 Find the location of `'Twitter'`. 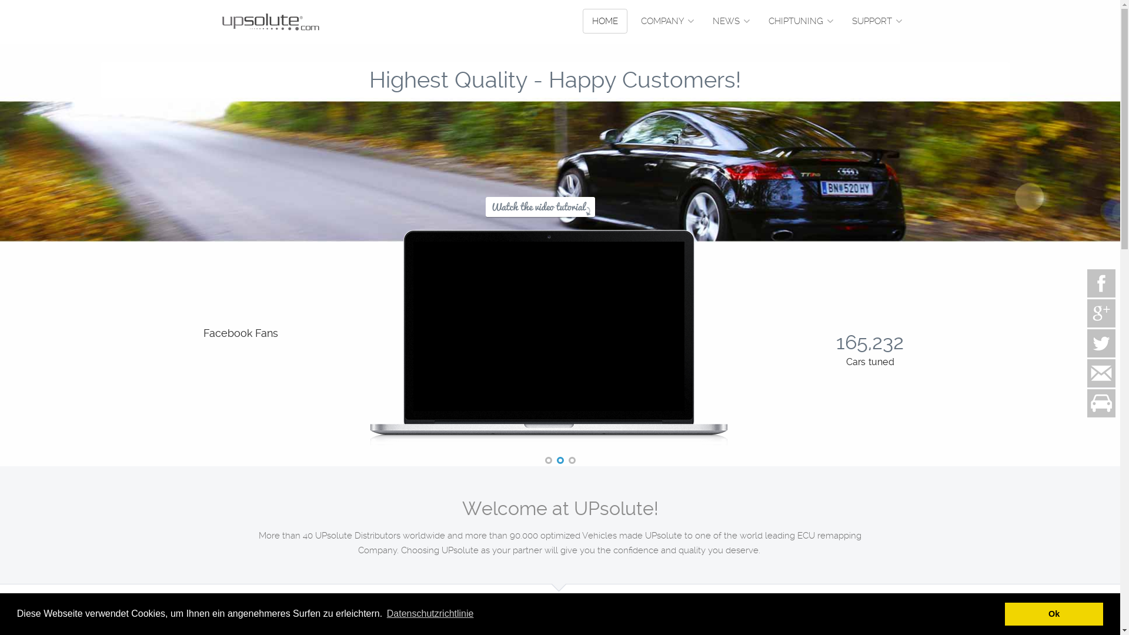

'Twitter' is located at coordinates (1085, 343).